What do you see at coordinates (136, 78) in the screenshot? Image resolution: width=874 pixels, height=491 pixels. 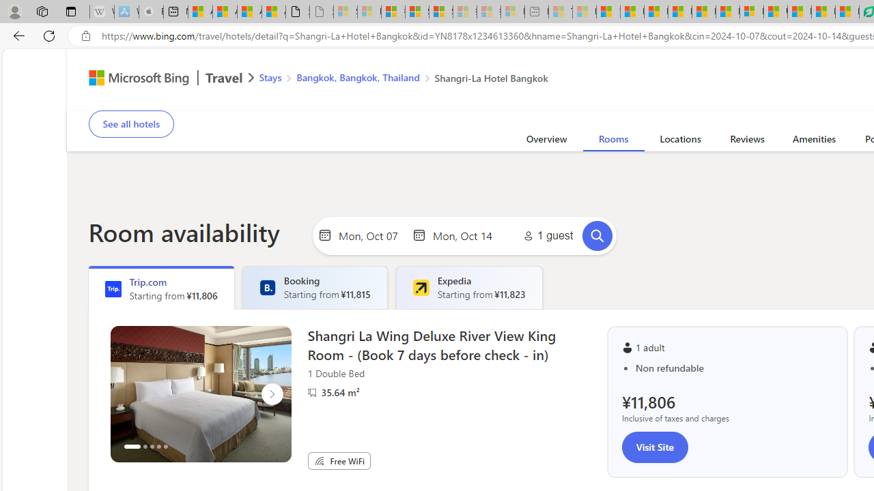 I see `'Class: msft-bing-logo msft-bing-logo-desktop'` at bounding box center [136, 78].